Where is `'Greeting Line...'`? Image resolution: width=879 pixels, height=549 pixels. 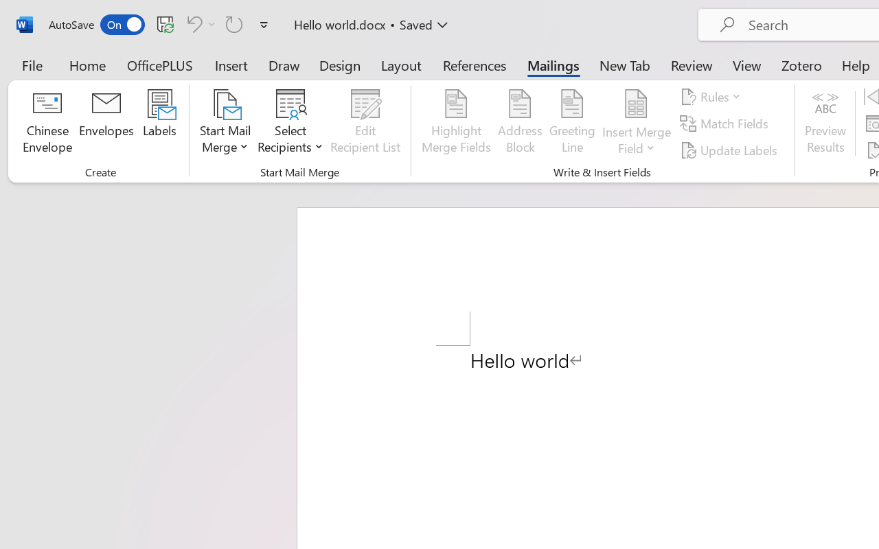 'Greeting Line...' is located at coordinates (572, 123).